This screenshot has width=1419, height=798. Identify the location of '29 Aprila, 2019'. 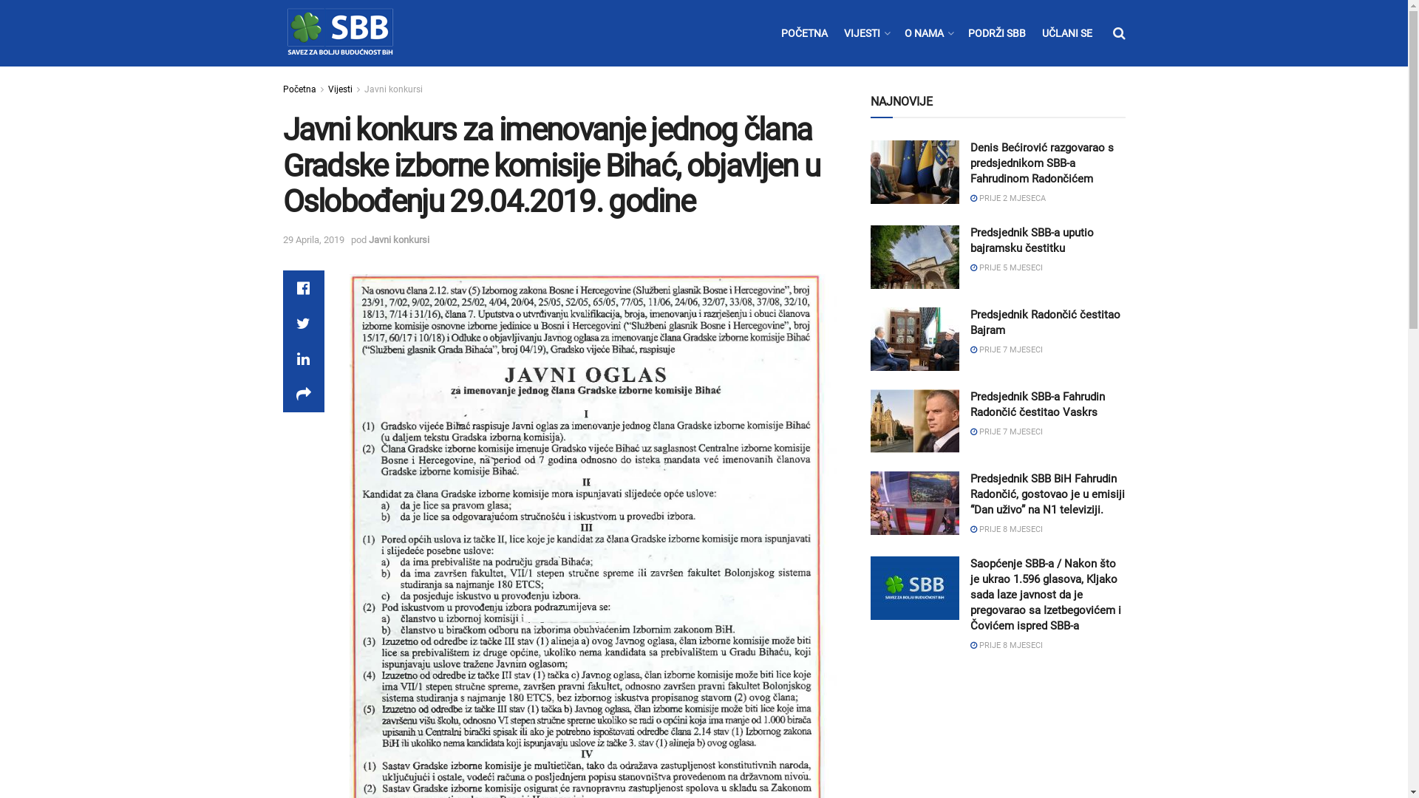
(282, 239).